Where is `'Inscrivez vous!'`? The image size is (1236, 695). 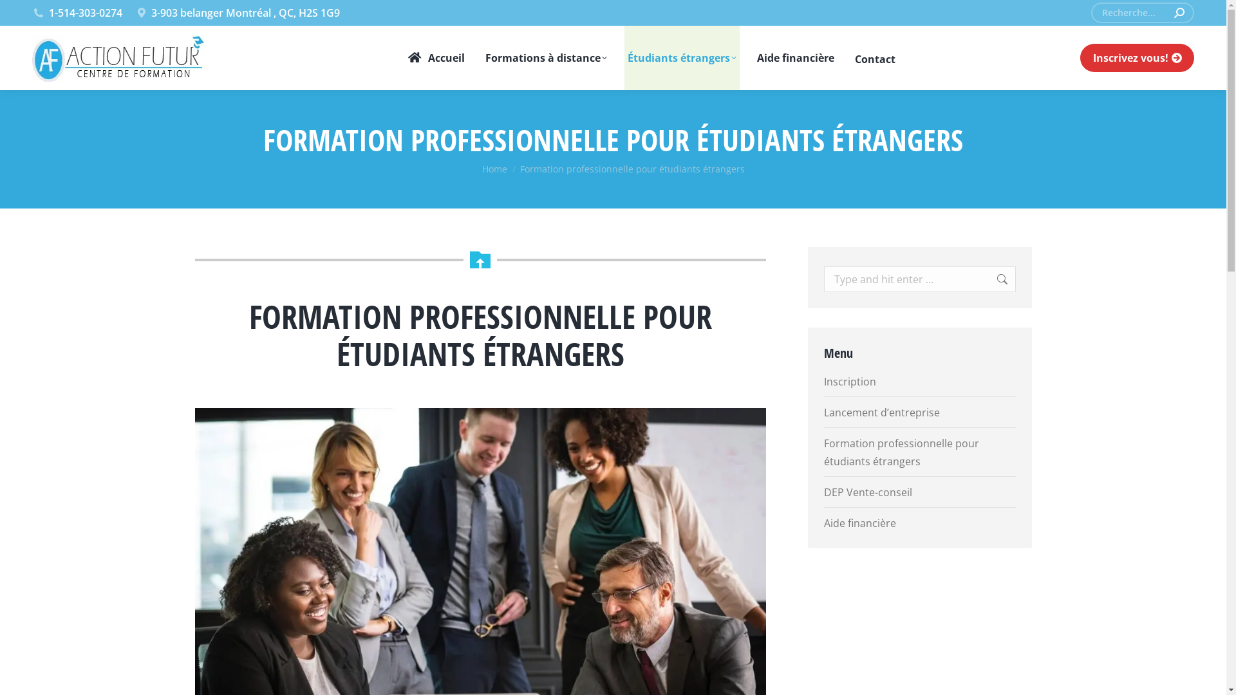
'Inscrivez vous!' is located at coordinates (1137, 57).